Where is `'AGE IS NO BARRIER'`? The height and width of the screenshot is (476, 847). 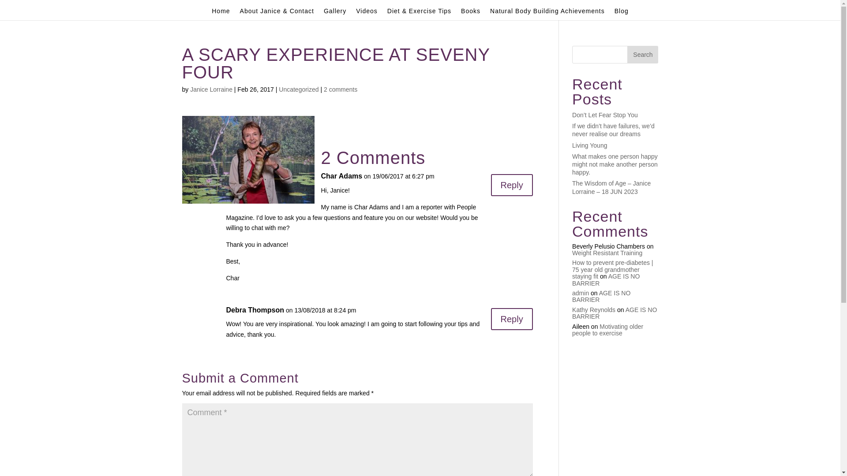
'AGE IS NO BARRIER' is located at coordinates (605, 279).